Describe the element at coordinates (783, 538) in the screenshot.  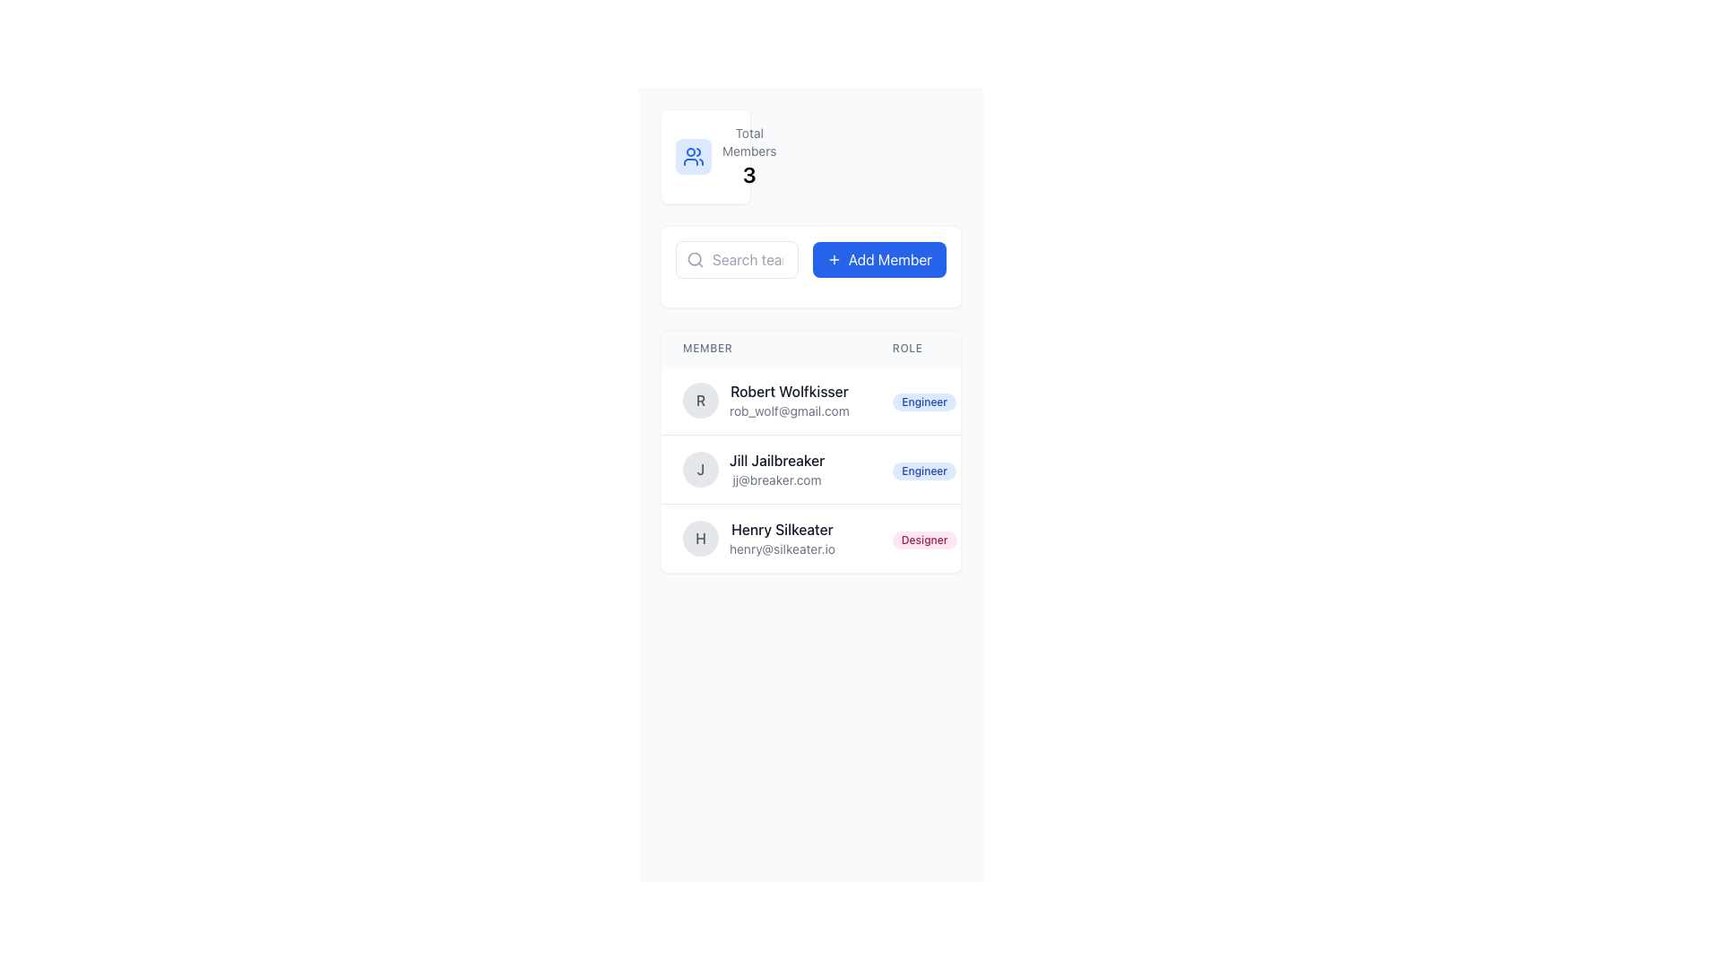
I see `the name 'Henry Silkeater' or the email address 'henry@silkeater.io' from the text display block to copy it, located in the third row of the member list in the table` at that location.